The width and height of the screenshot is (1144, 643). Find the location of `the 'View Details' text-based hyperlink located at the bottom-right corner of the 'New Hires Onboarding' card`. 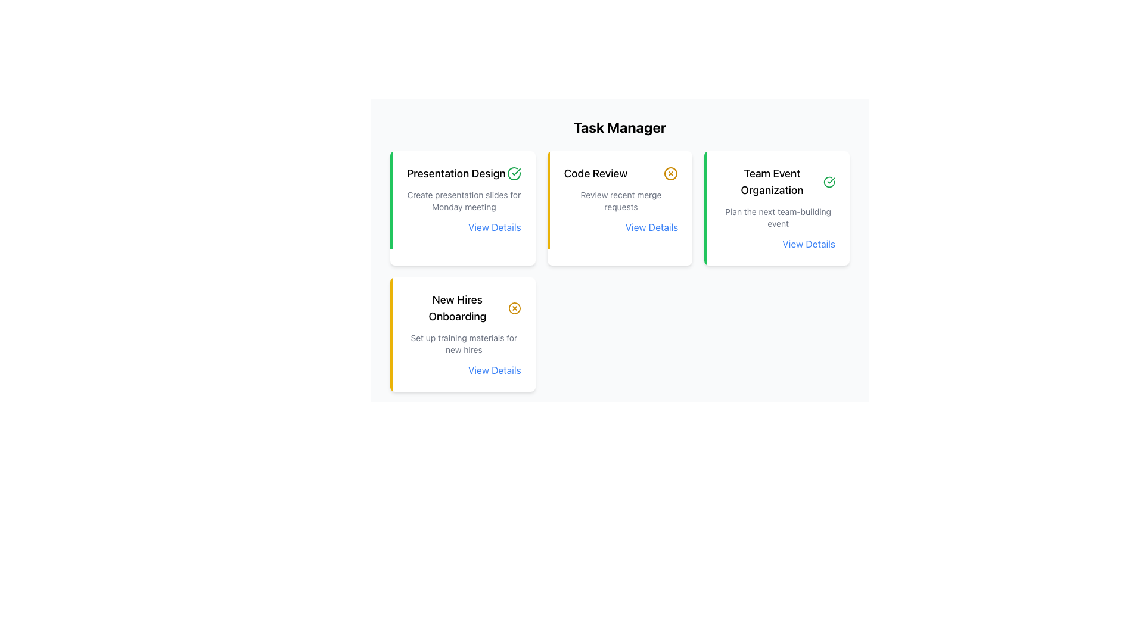

the 'View Details' text-based hyperlink located at the bottom-right corner of the 'New Hires Onboarding' card is located at coordinates (463, 369).